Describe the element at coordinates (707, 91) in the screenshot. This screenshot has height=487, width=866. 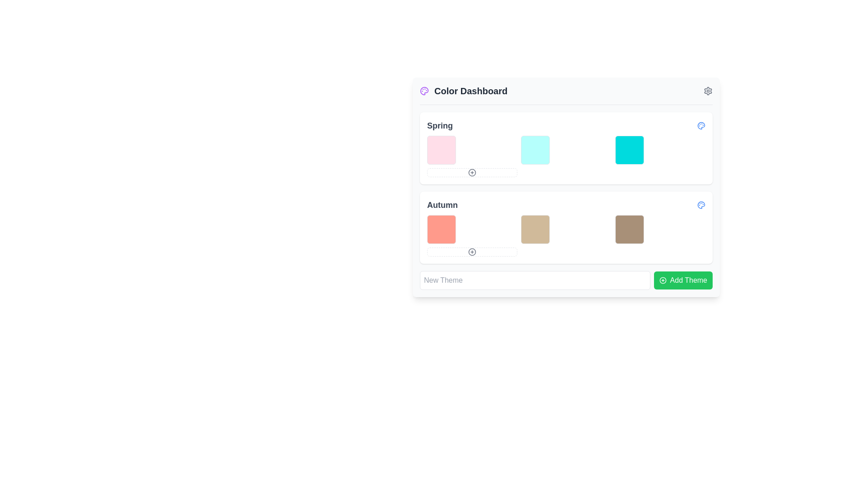
I see `the gear-shaped icon in gray at the top-right corner of the 'Color Dashboard' header` at that location.